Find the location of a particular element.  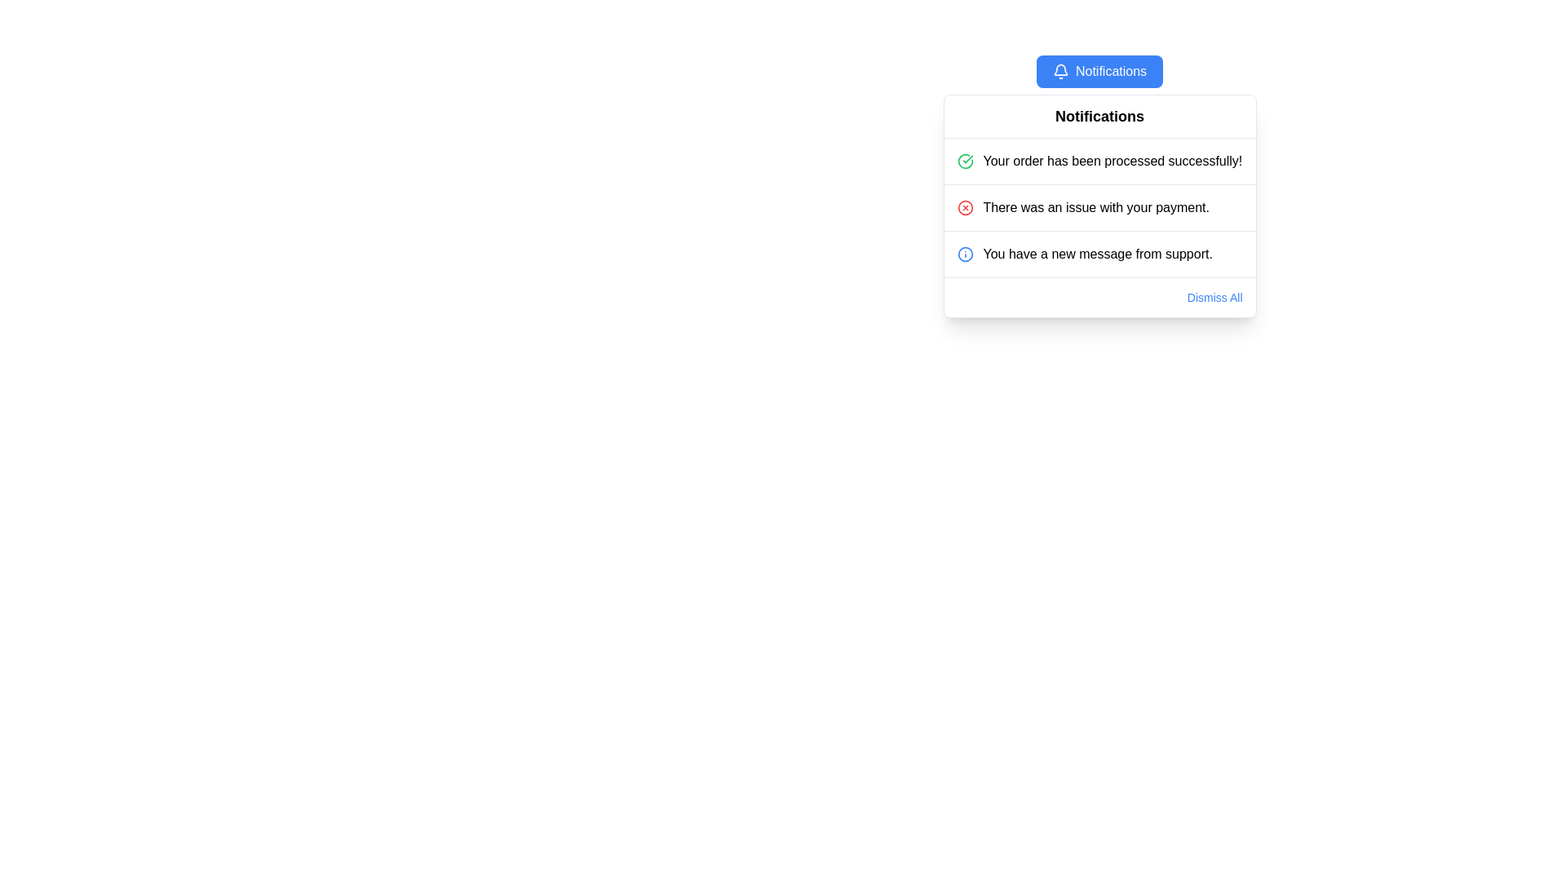

the circular vector graphic element within the SVG icon that is part of the last notification entry indicating 'You have a new message from support.' is located at coordinates (965, 255).